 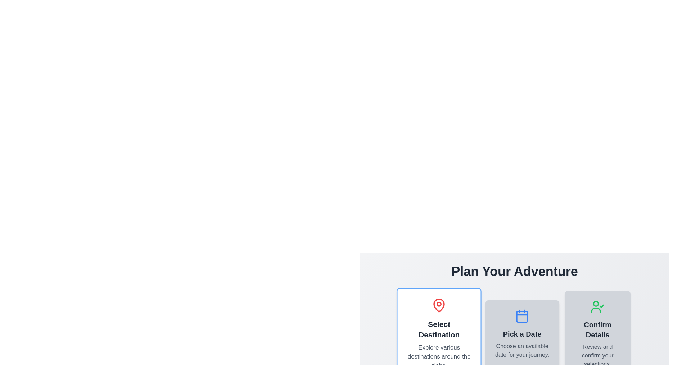 I want to click on the red map pin icon located at the top of the 'Select Destination' card under the title 'Plan Your Adventure', so click(x=439, y=305).